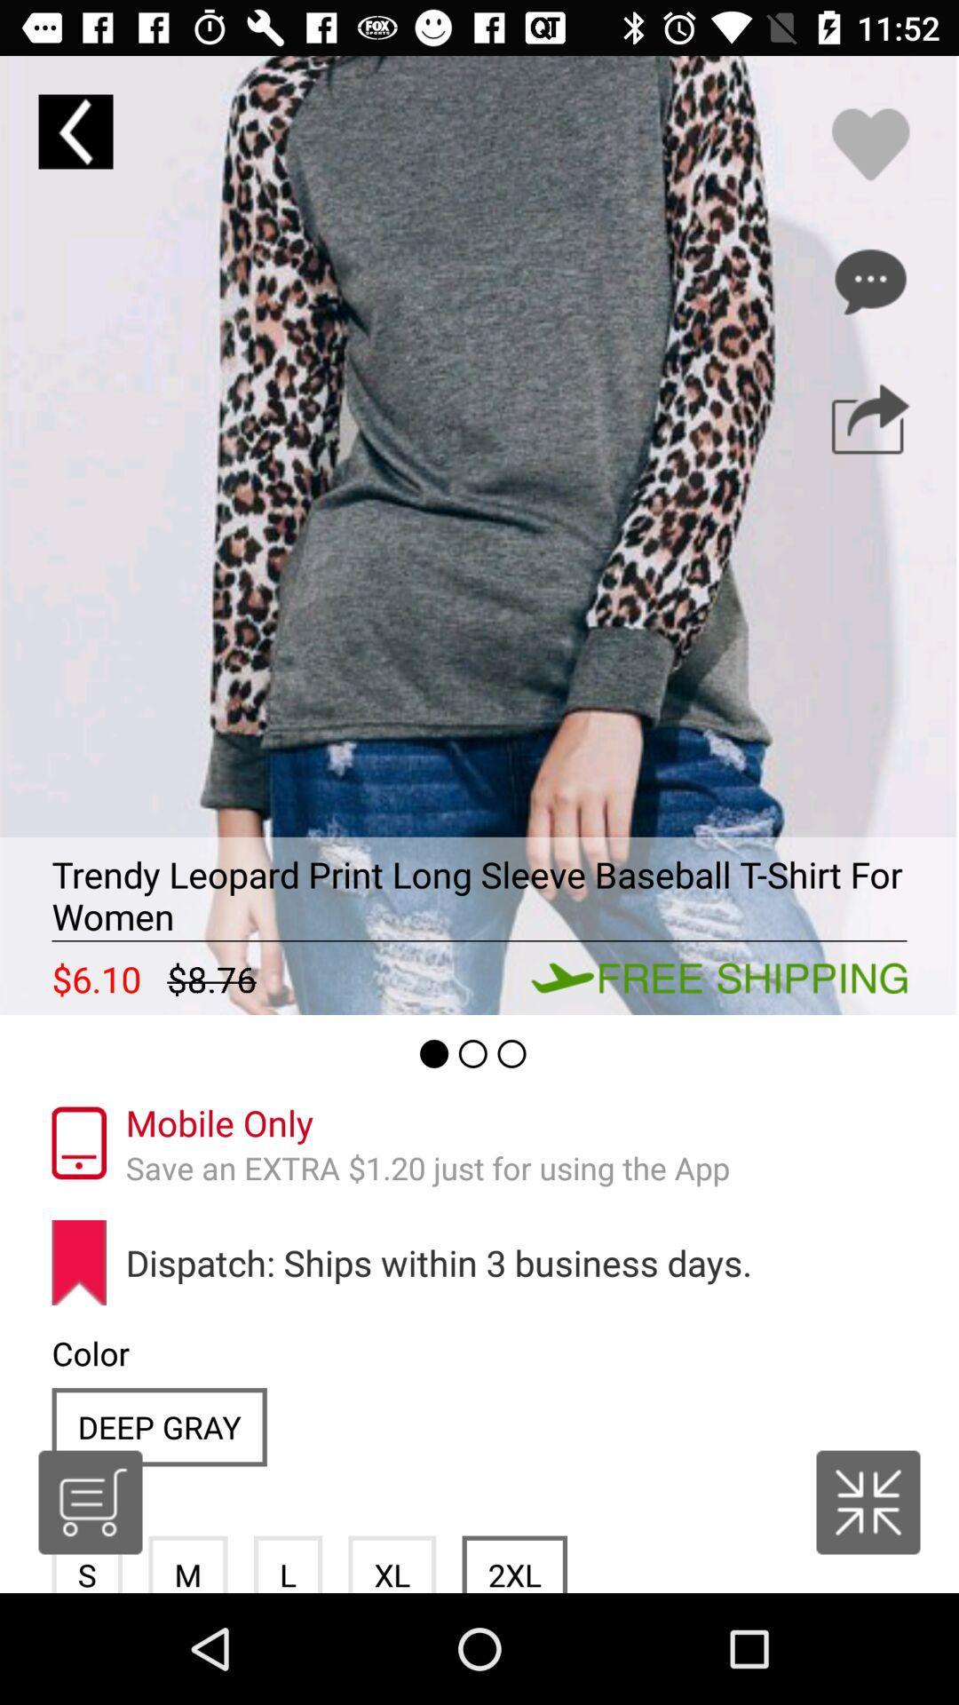 The image size is (959, 1705). Describe the element at coordinates (869, 281) in the screenshot. I see `the chat icon` at that location.